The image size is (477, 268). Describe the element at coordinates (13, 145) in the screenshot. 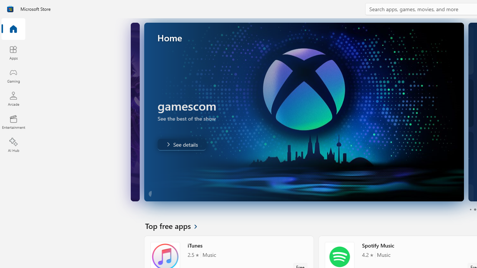

I see `'AI Hub'` at that location.